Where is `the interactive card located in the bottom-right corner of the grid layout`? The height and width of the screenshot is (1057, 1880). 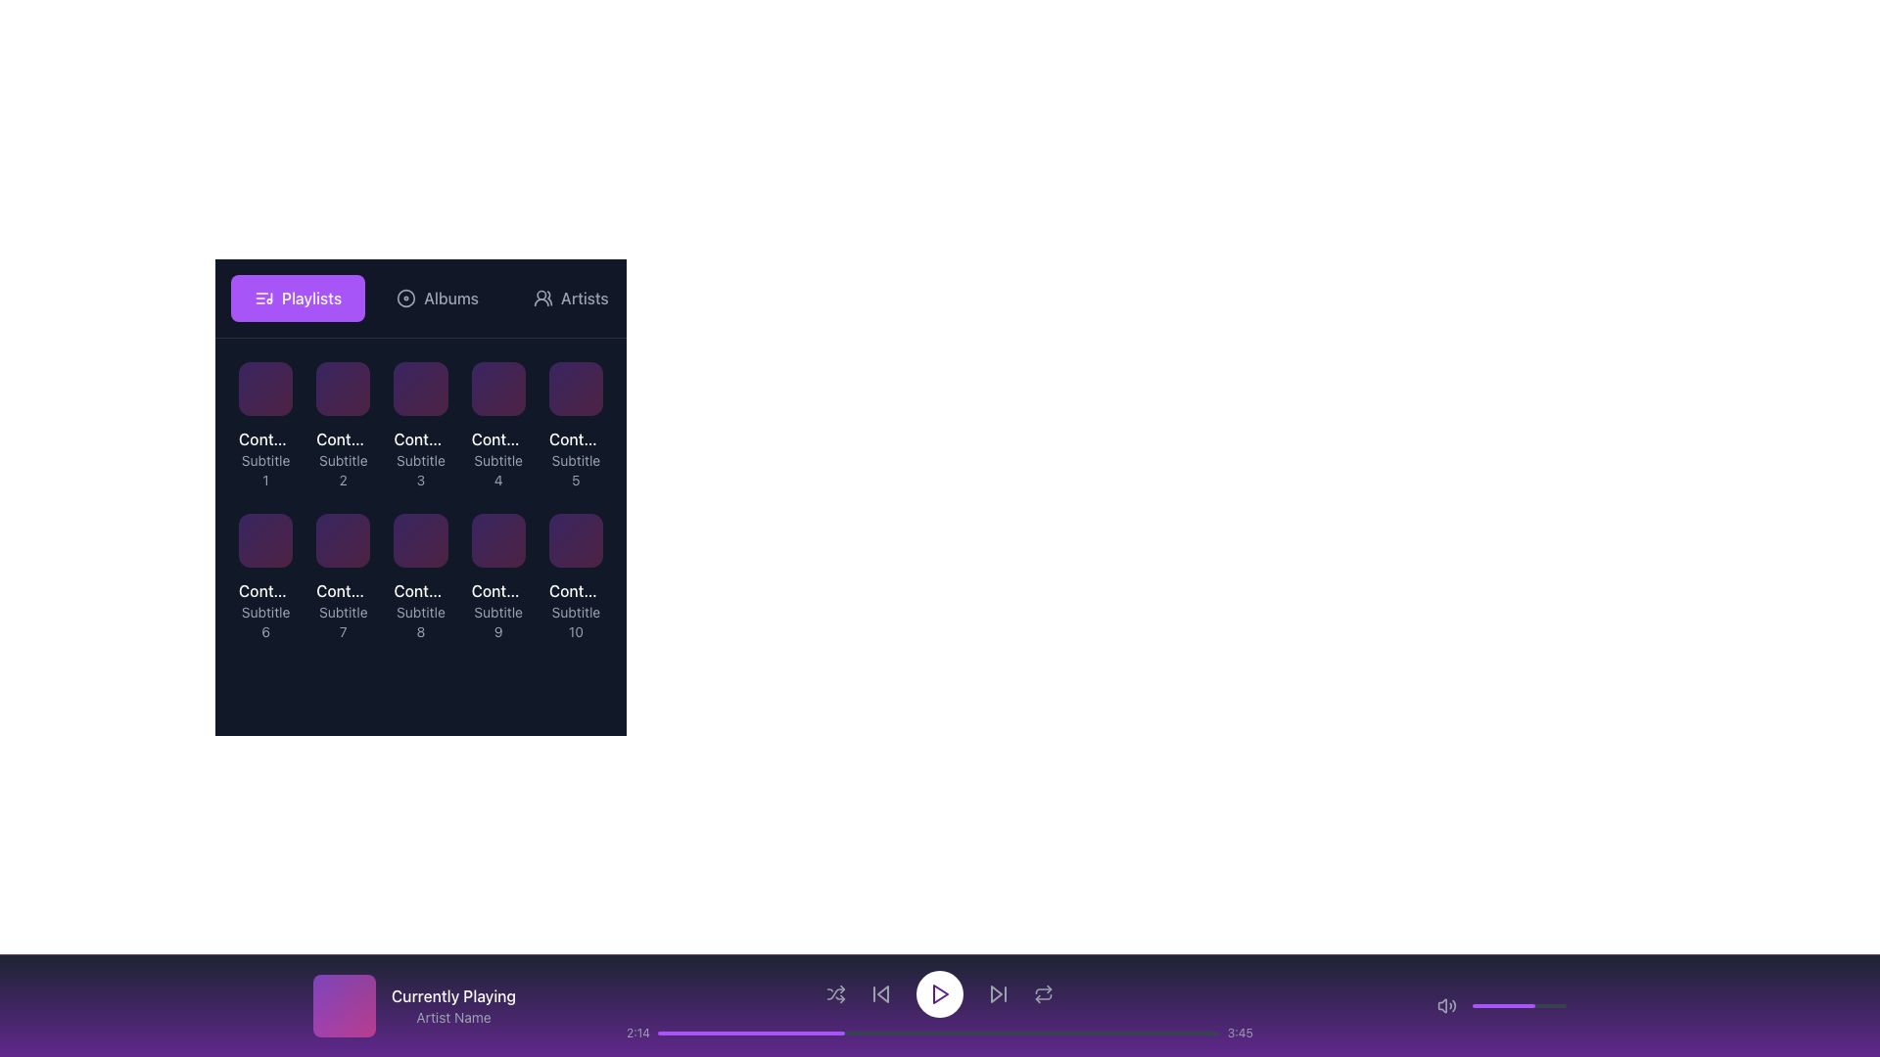
the interactive card located in the bottom-right corner of the grid layout is located at coordinates (575, 576).